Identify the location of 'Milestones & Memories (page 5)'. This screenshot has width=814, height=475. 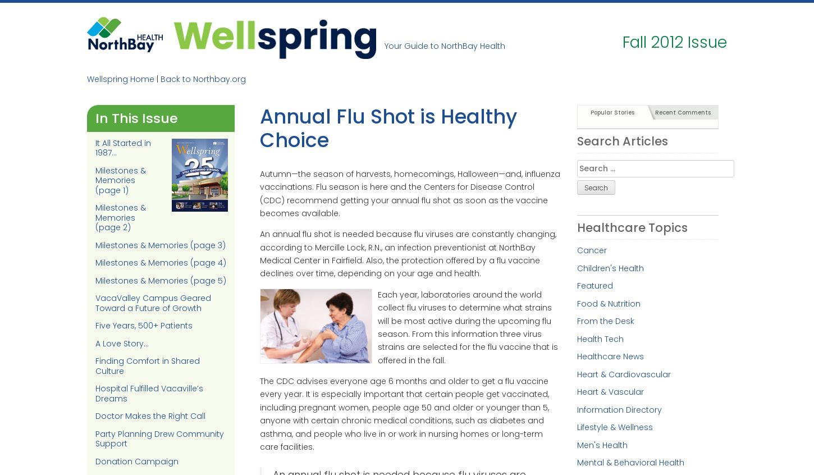
(161, 280).